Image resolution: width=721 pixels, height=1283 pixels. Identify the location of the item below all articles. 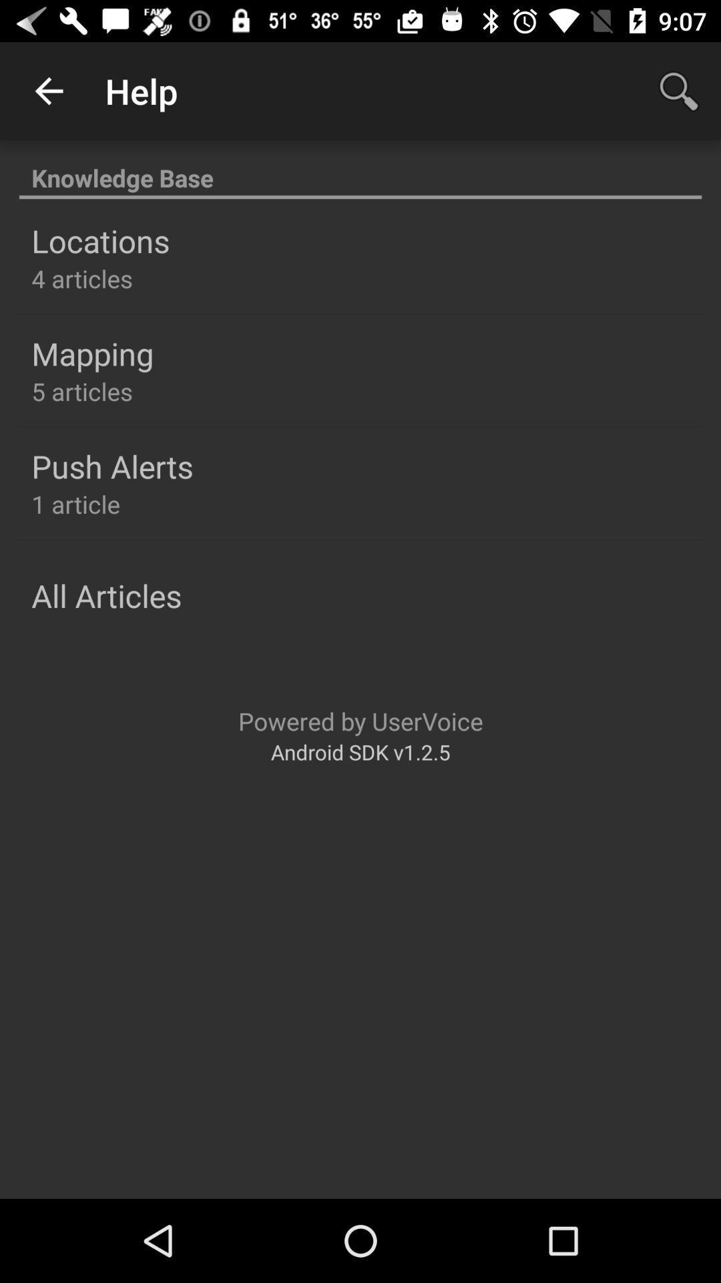
(360, 720).